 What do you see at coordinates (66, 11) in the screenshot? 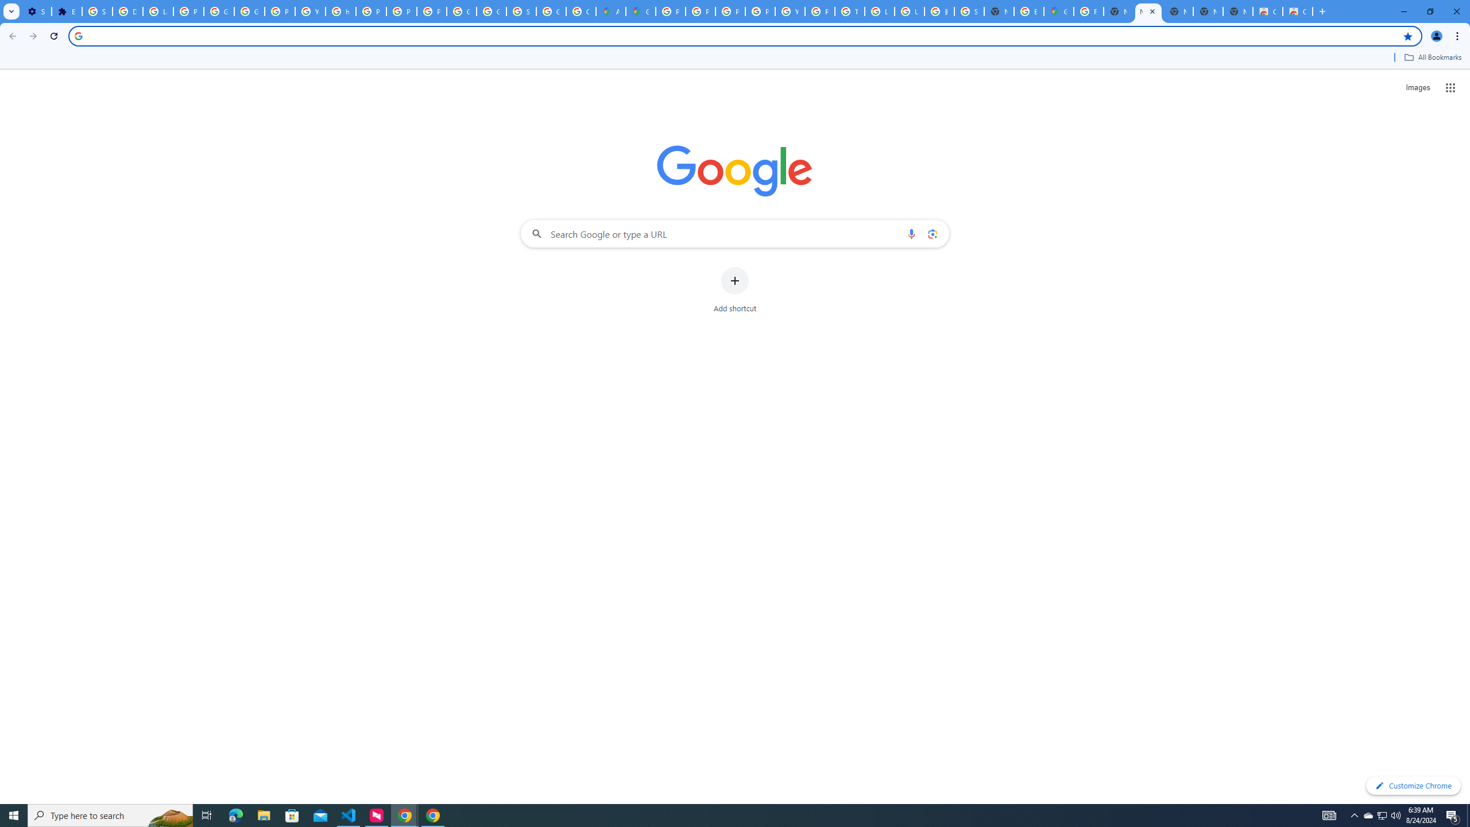
I see `'Extensions'` at bounding box center [66, 11].